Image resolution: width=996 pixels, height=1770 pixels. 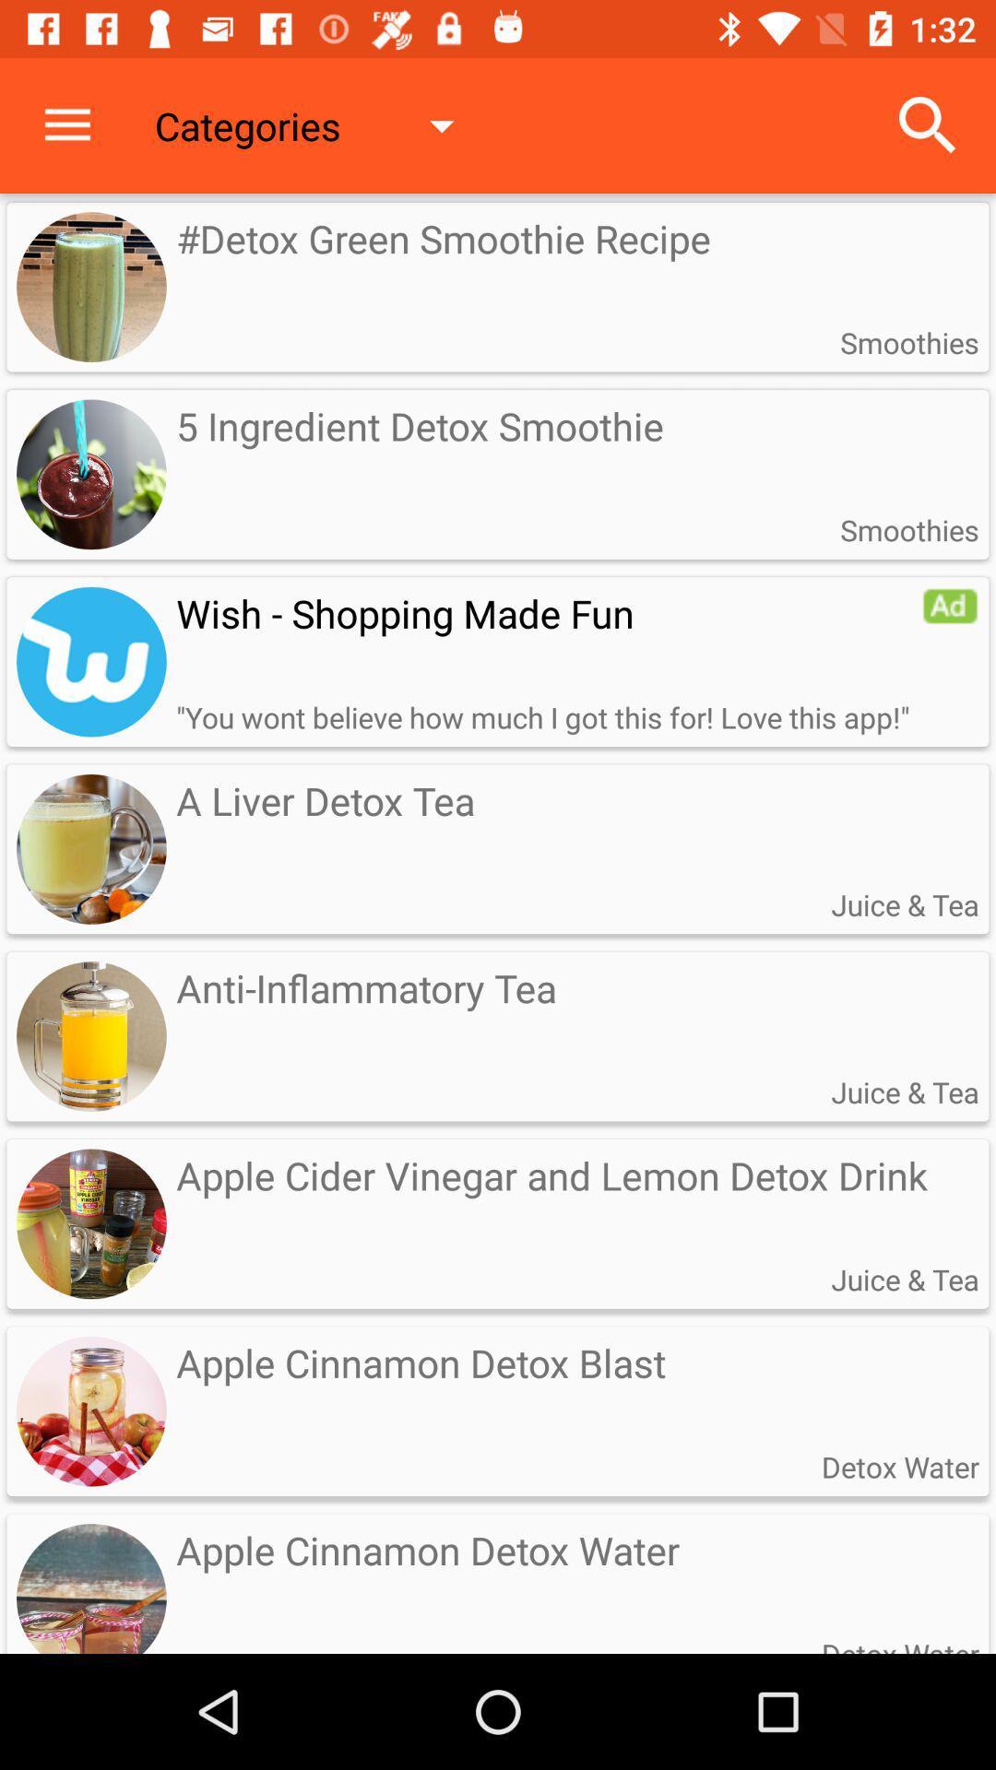 What do you see at coordinates (66, 124) in the screenshot?
I see `icon next to the categories icon` at bounding box center [66, 124].